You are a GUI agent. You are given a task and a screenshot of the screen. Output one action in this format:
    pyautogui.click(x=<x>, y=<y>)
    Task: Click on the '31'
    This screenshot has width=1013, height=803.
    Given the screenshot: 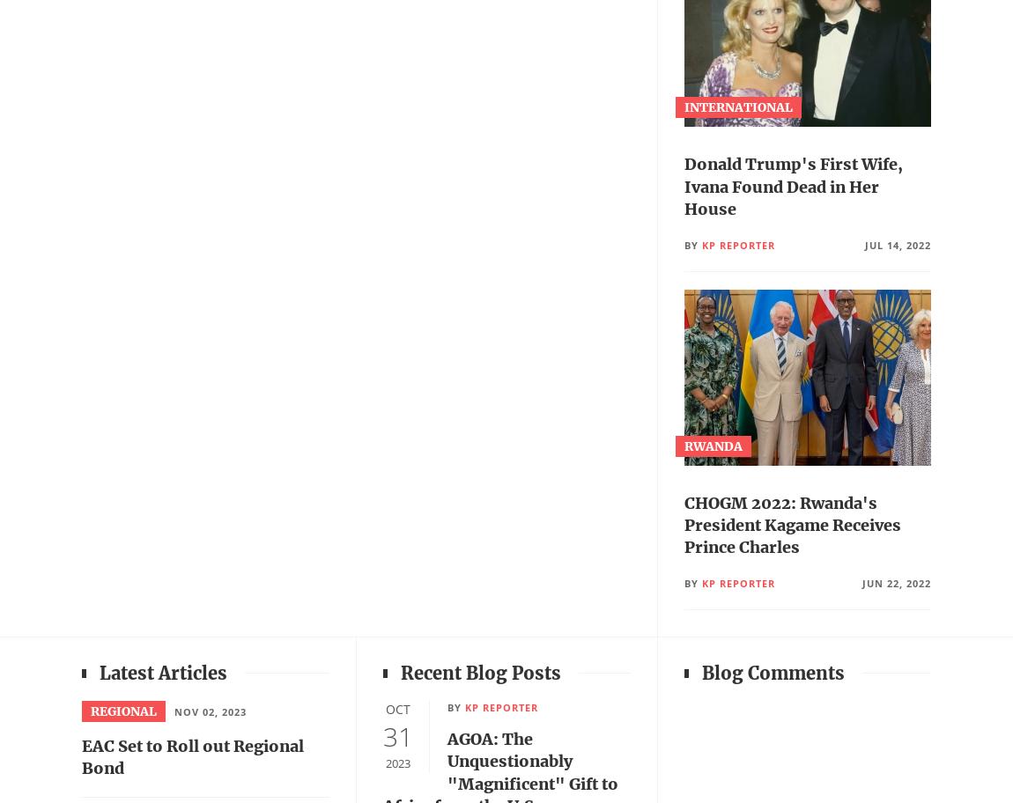 What is the action you would take?
    pyautogui.click(x=397, y=736)
    